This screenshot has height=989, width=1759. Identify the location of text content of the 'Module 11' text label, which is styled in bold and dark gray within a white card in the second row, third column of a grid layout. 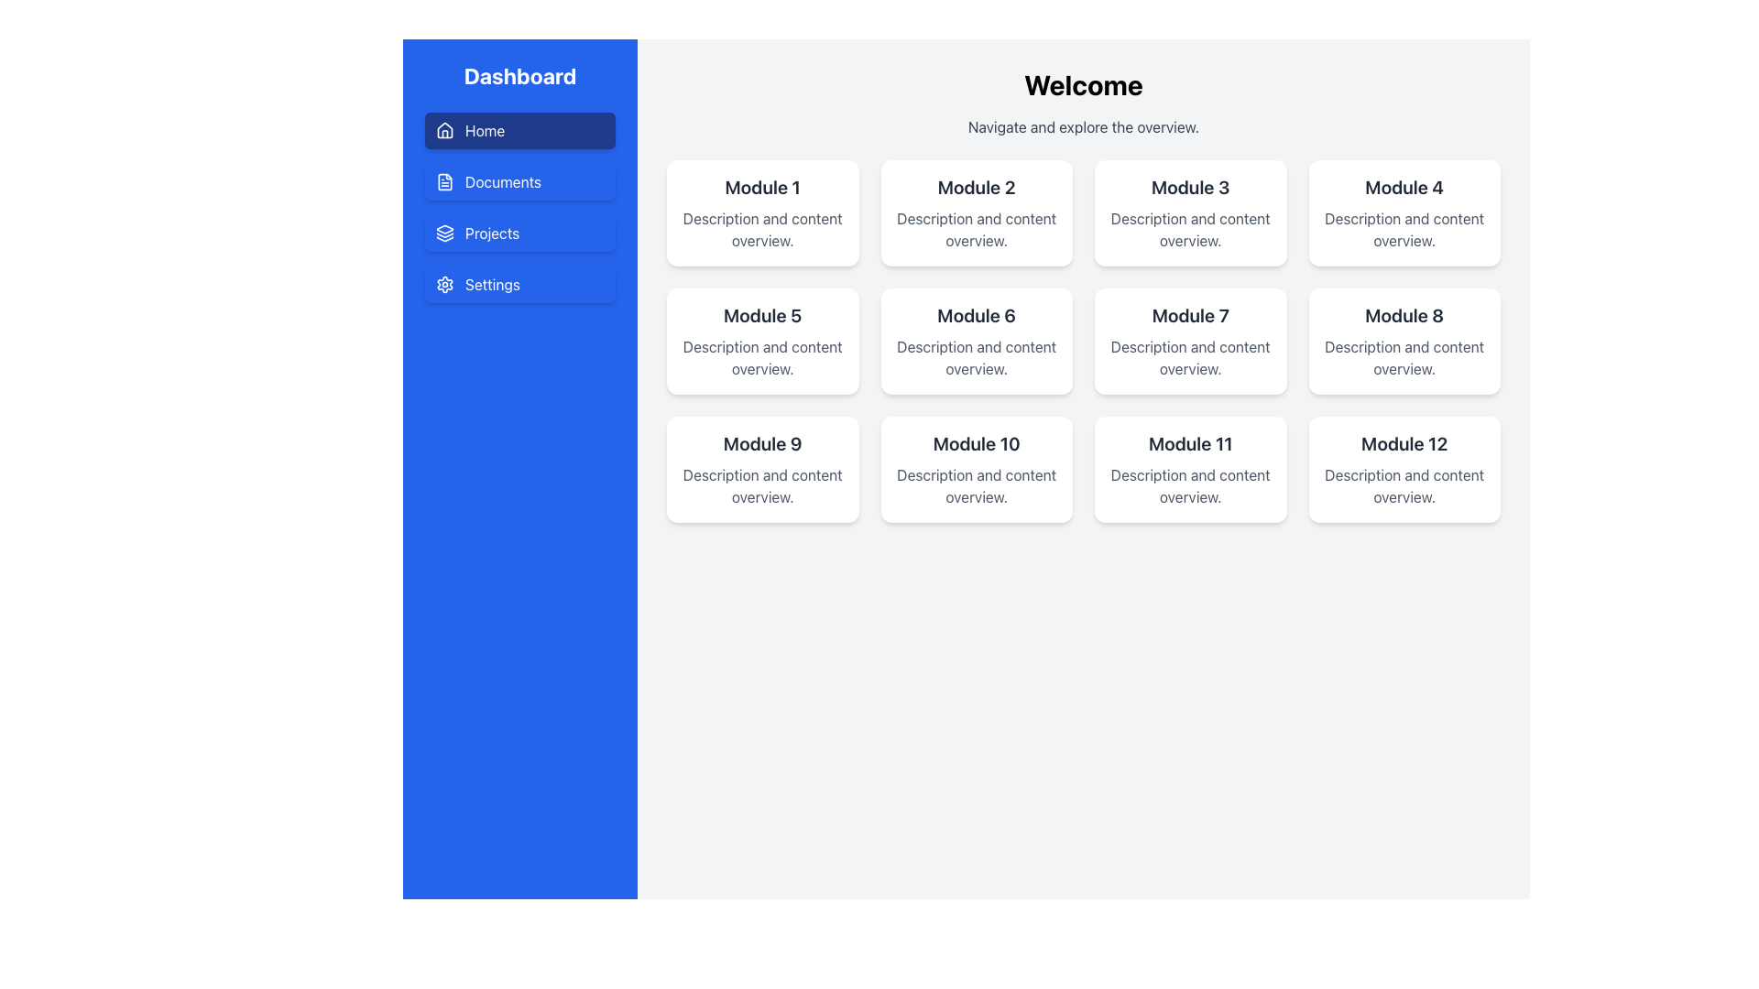
(1190, 444).